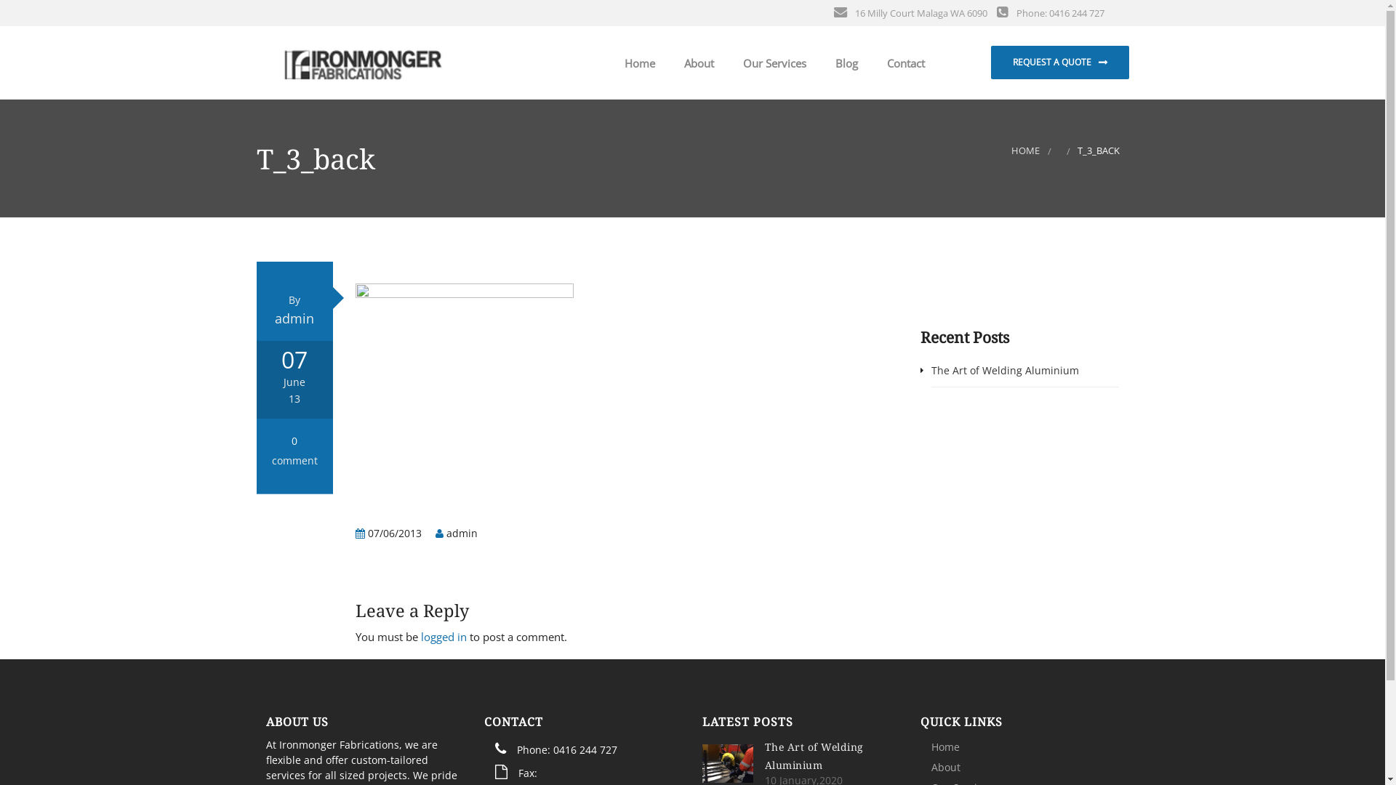  I want to click on 'Custom Welding & Fabrication', so click(777, 181).